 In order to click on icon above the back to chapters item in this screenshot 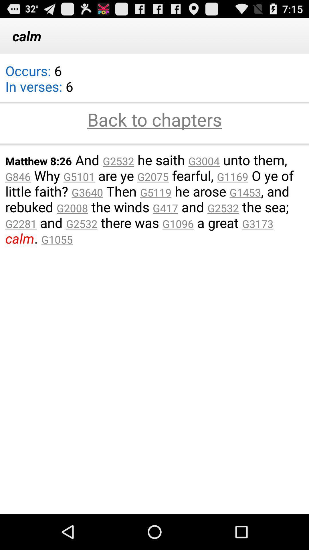, I will do `click(39, 82)`.